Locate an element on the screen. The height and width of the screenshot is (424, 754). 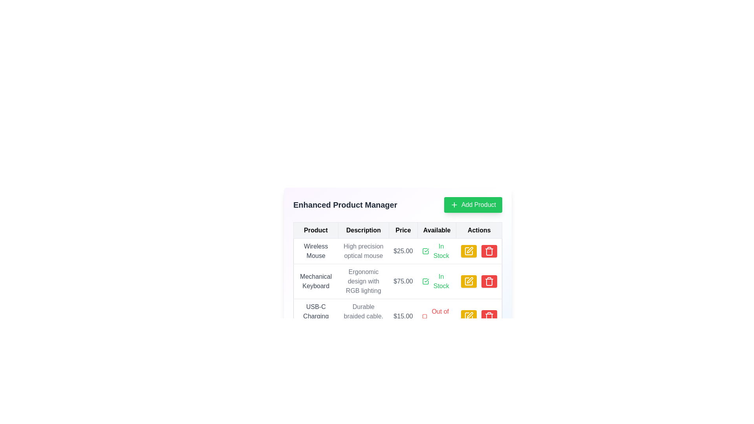
the 'Out of Stock' text label styled in red font with an adjacent small square icon, located in the 'Available' column of the third row in the product information table is located at coordinates (436, 316).